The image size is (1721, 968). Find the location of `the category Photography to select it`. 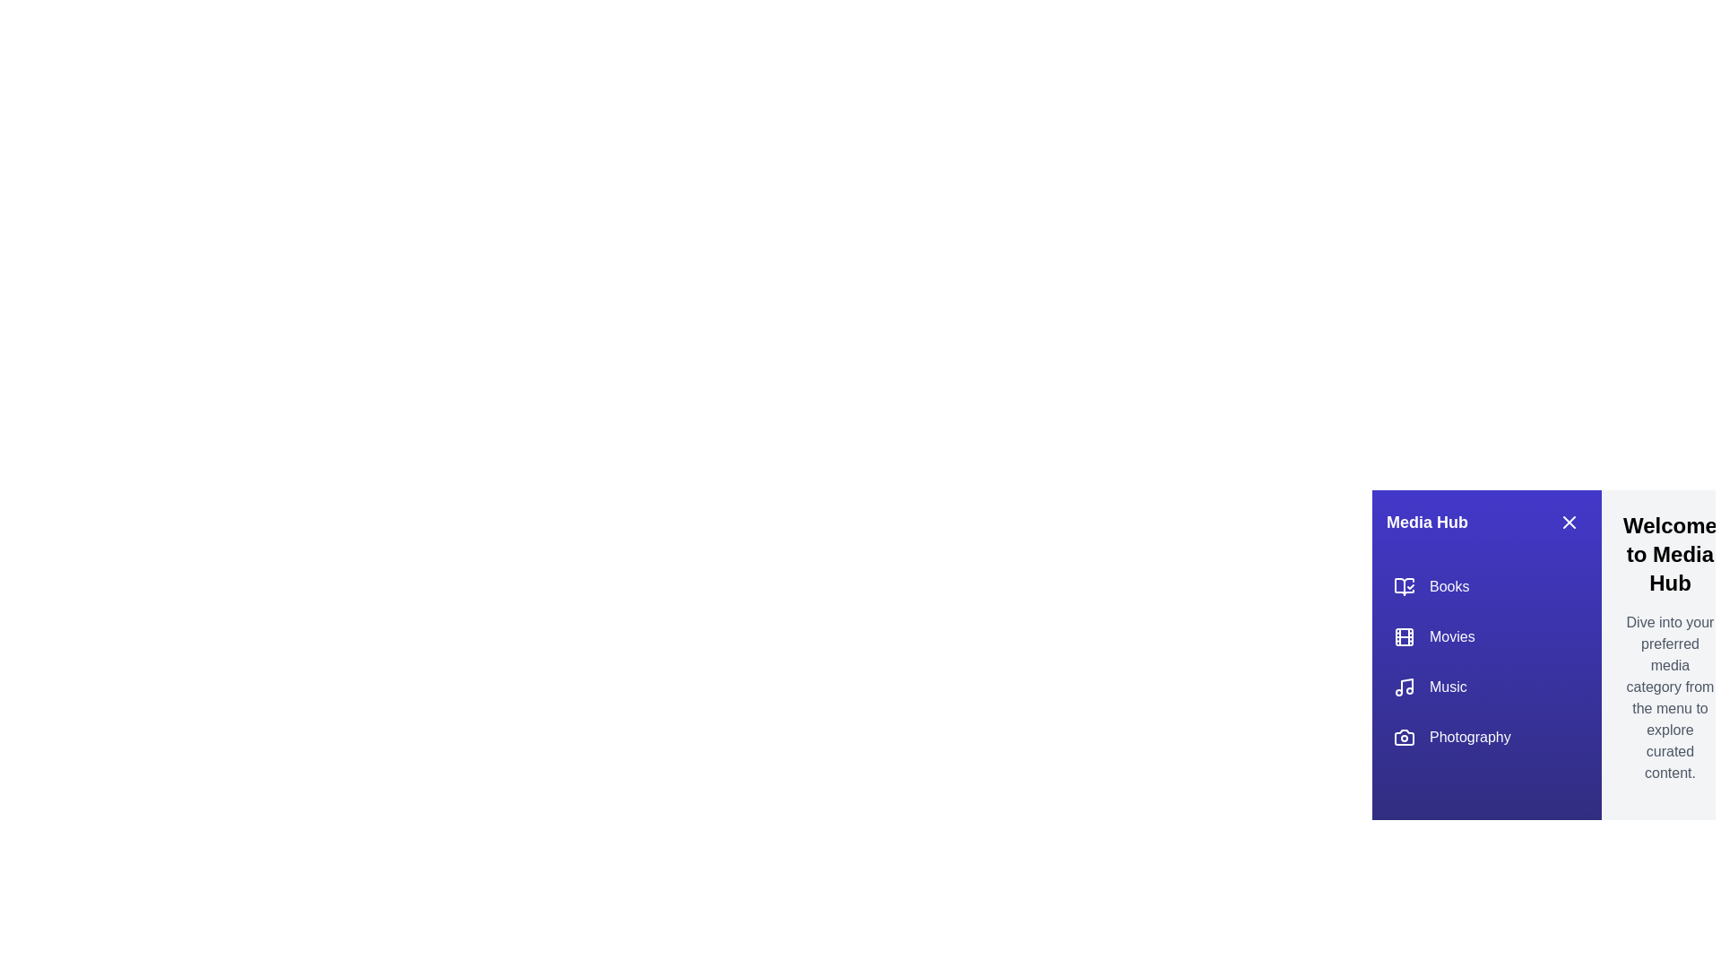

the category Photography to select it is located at coordinates (1487, 737).